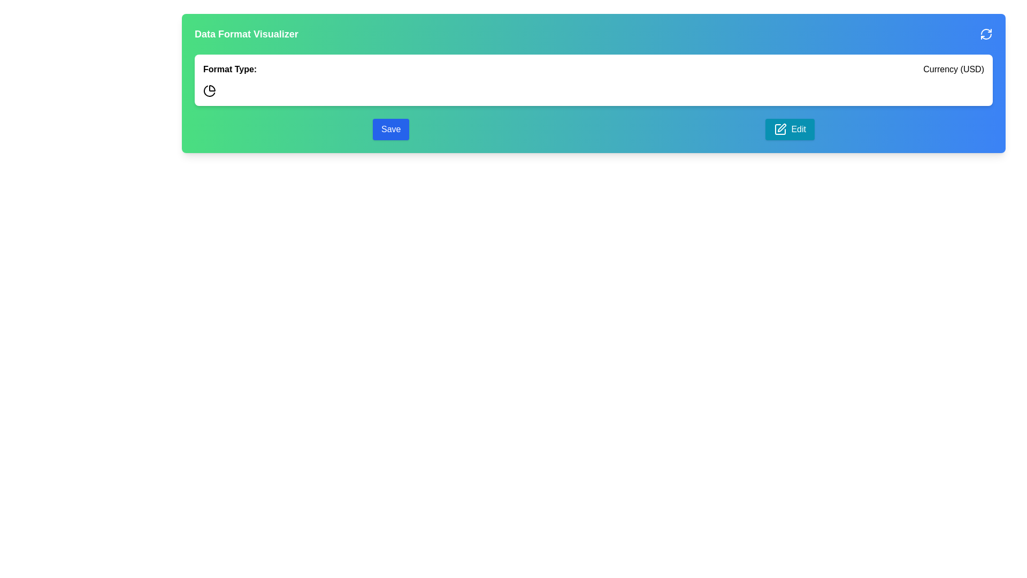 Image resolution: width=1027 pixels, height=578 pixels. What do you see at coordinates (985, 34) in the screenshot?
I see `the circular refresh icon button located in the top-right corner of the blue header bar` at bounding box center [985, 34].